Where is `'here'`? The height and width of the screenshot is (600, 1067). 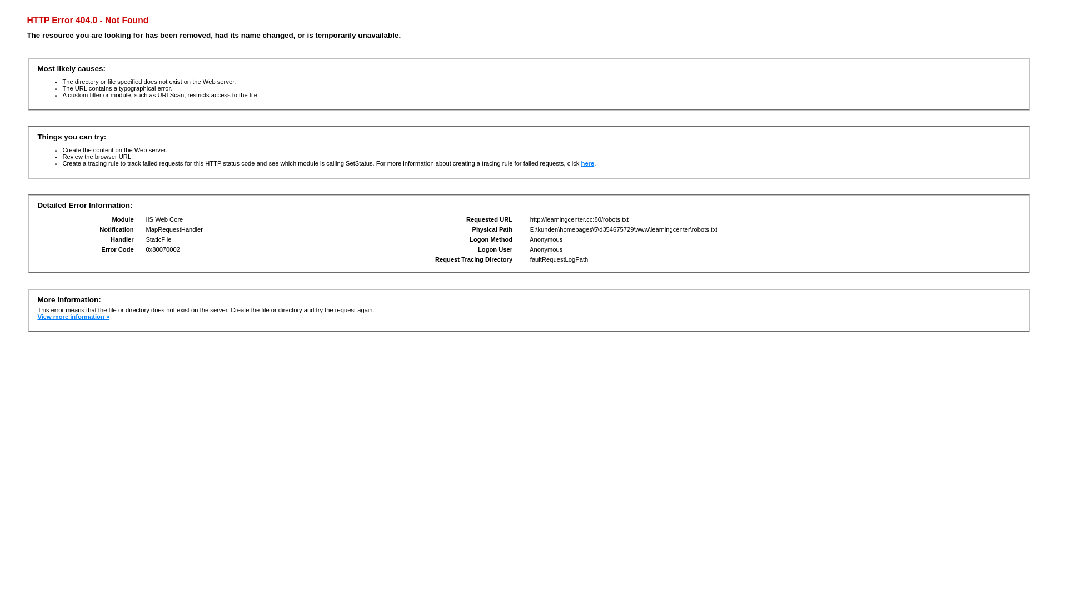 'here' is located at coordinates (587, 163).